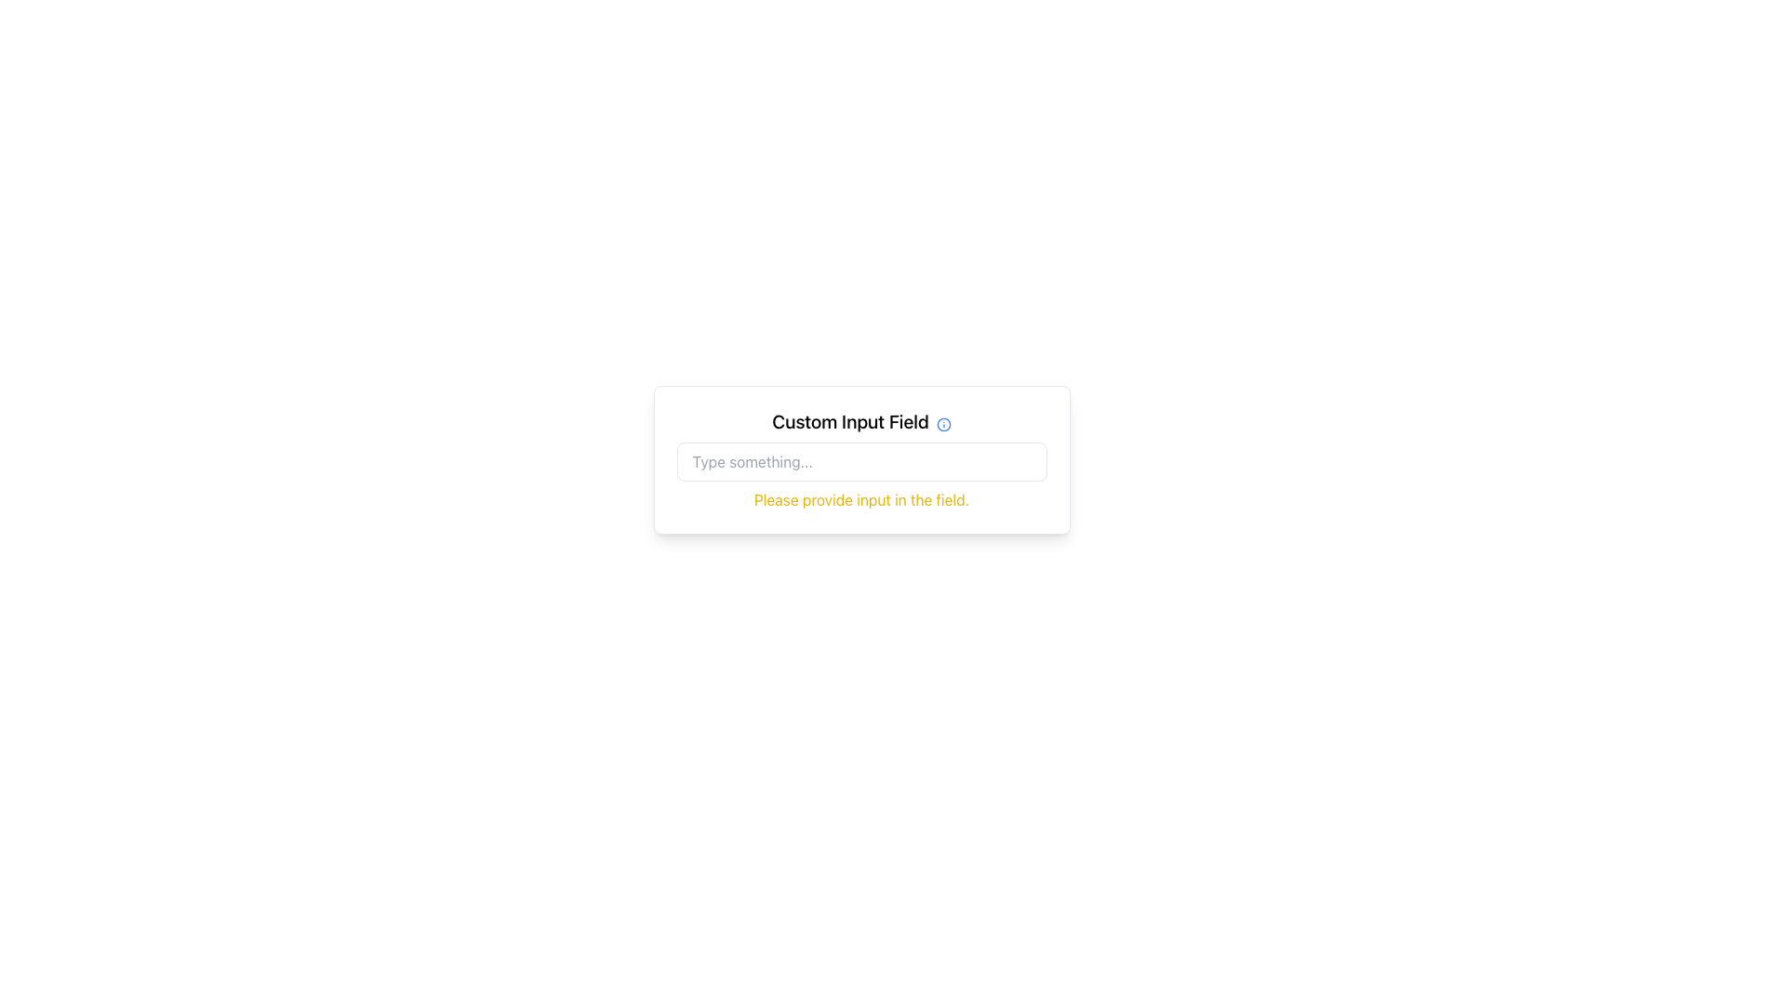 This screenshot has width=1786, height=1004. I want to click on circle graphics element with a thin border, located at the center of the SVG icon adjacent to the 'Custom Input Field' label, so click(943, 424).